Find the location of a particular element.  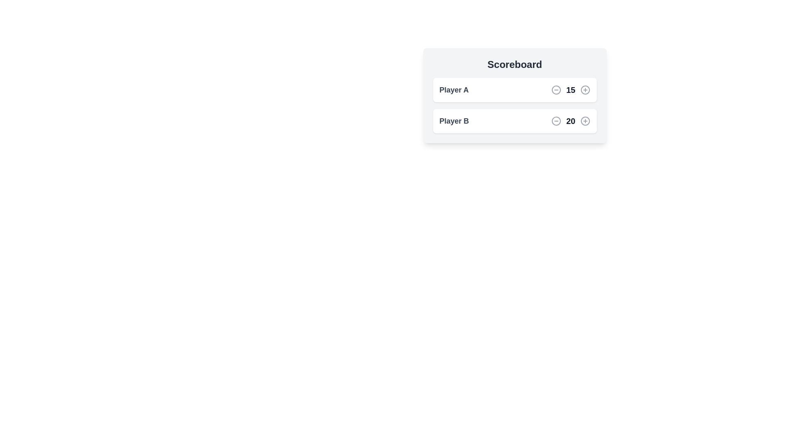

the decorative '+' icon within the interactive button for Player B's score, which indicates an action to increase the score is located at coordinates (585, 121).